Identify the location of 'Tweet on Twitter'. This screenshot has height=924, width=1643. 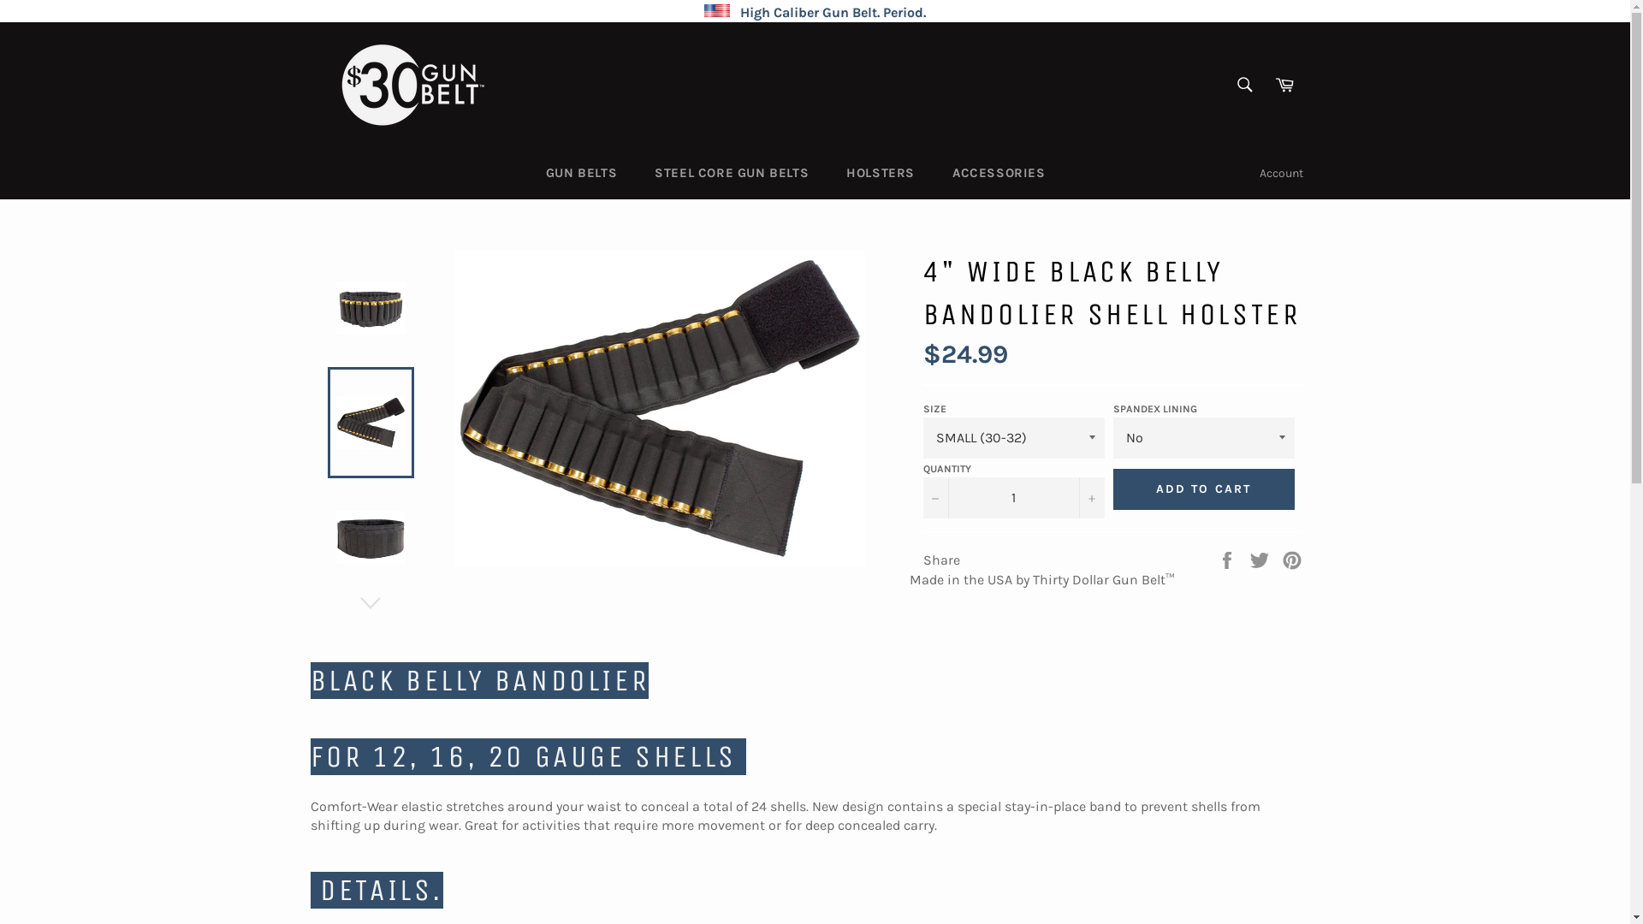
(1260, 559).